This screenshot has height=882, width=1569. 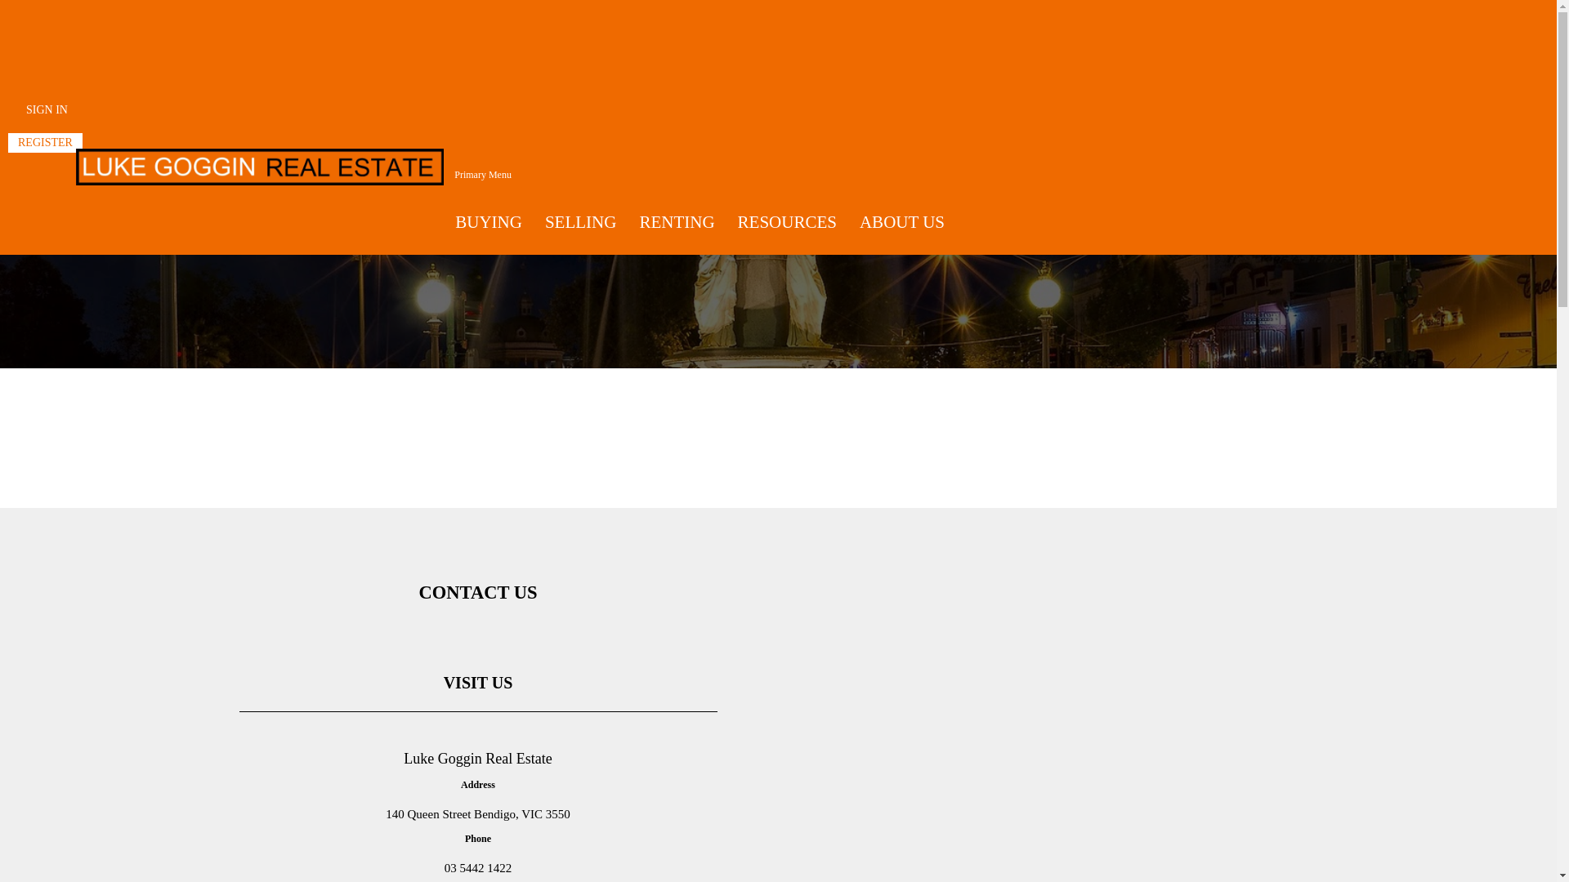 What do you see at coordinates (901, 222) in the screenshot?
I see `'ABOUT US'` at bounding box center [901, 222].